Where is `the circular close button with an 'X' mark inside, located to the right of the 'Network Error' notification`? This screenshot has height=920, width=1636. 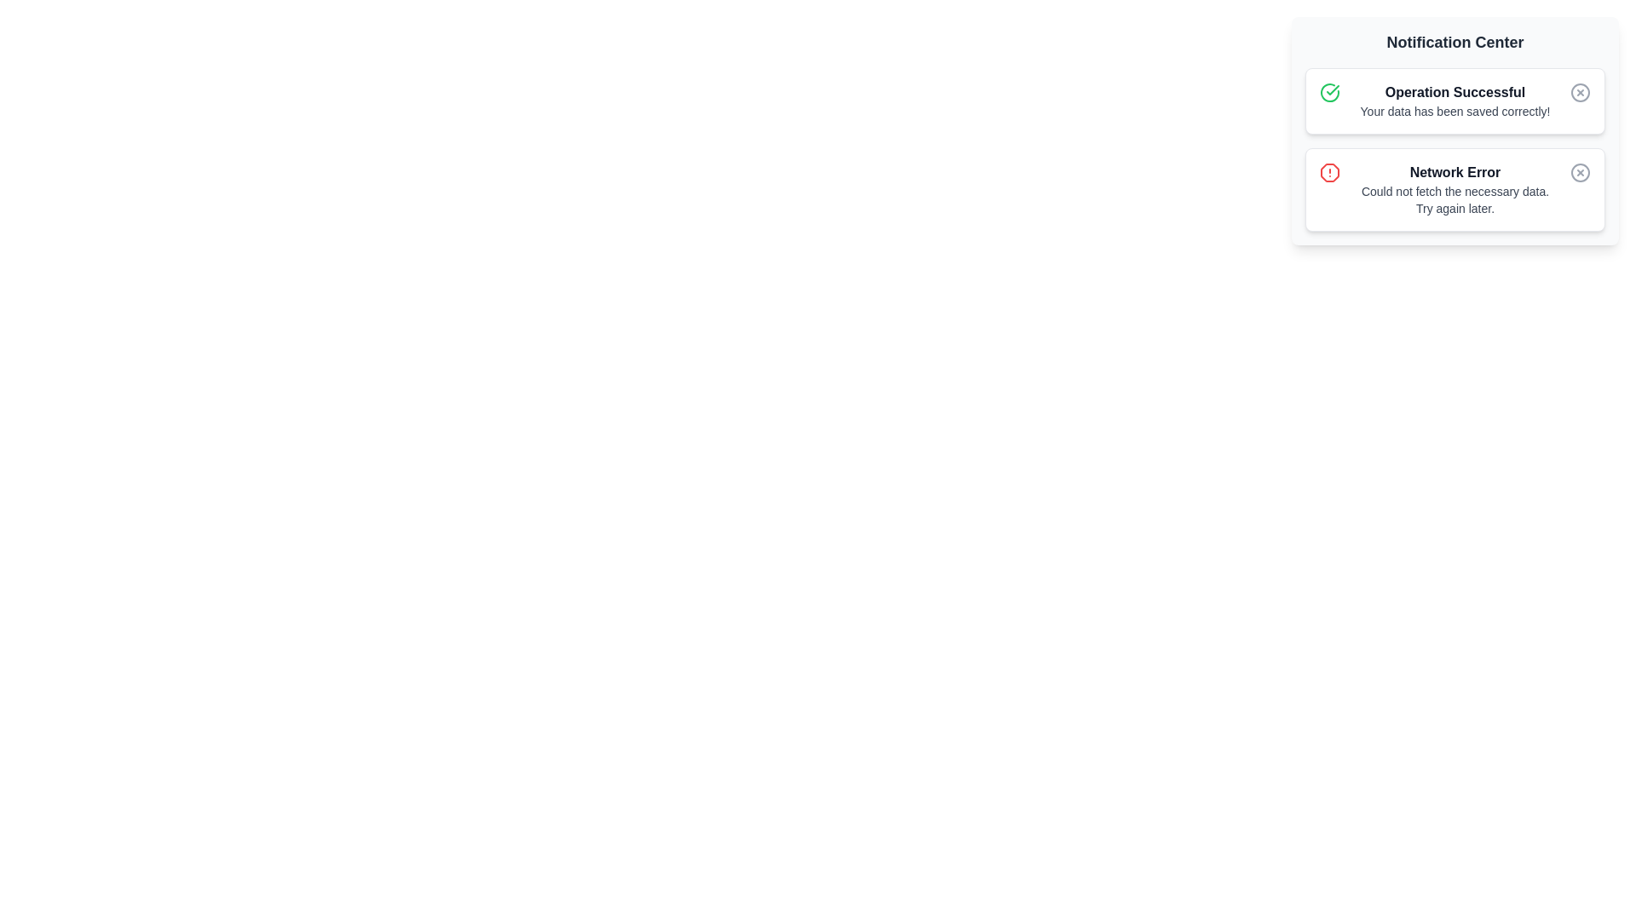
the circular close button with an 'X' mark inside, located to the right of the 'Network Error' notification is located at coordinates (1579, 173).